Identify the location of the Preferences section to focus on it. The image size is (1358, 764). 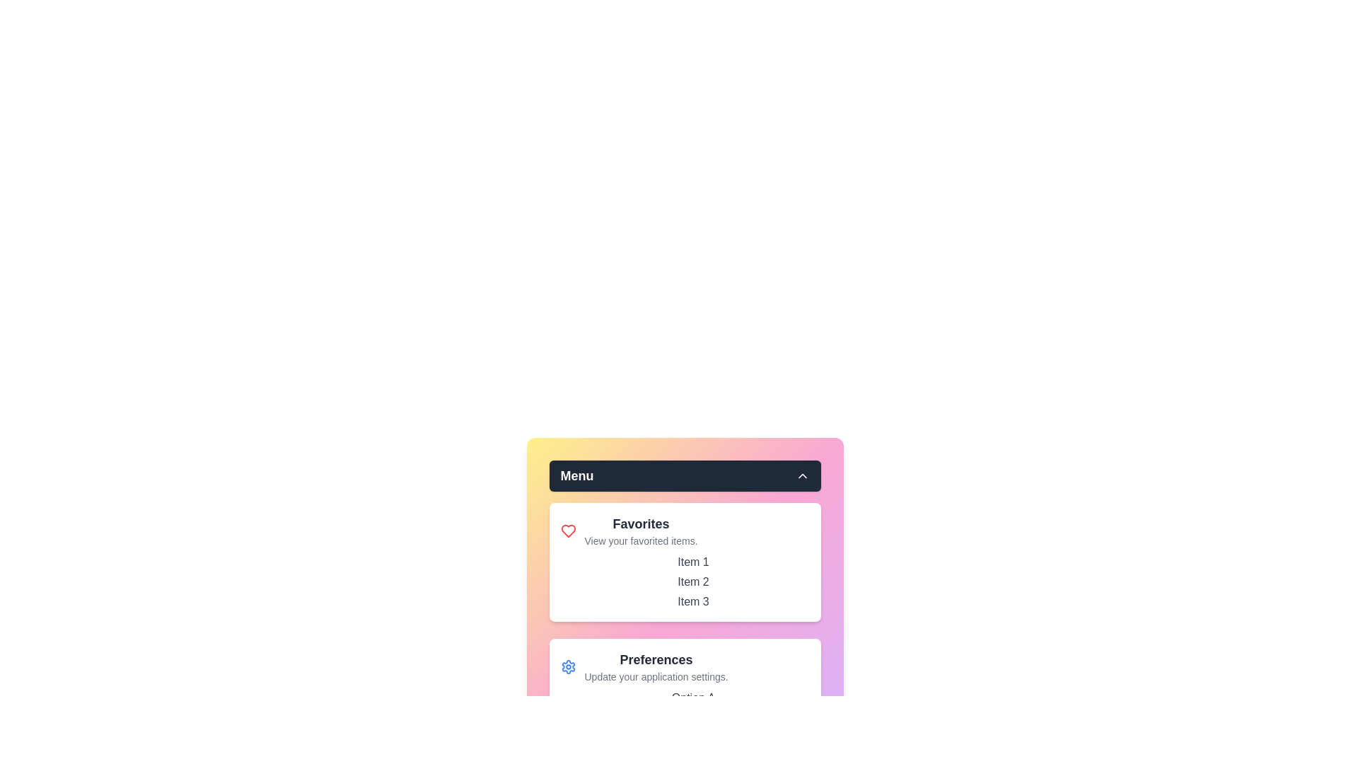
(685, 687).